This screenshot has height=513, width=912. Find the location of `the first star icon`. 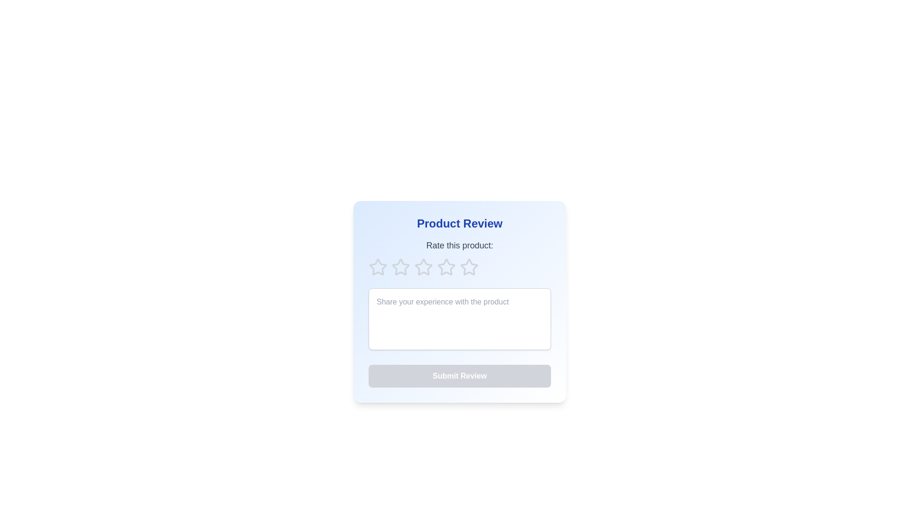

the first star icon is located at coordinates (401, 267).